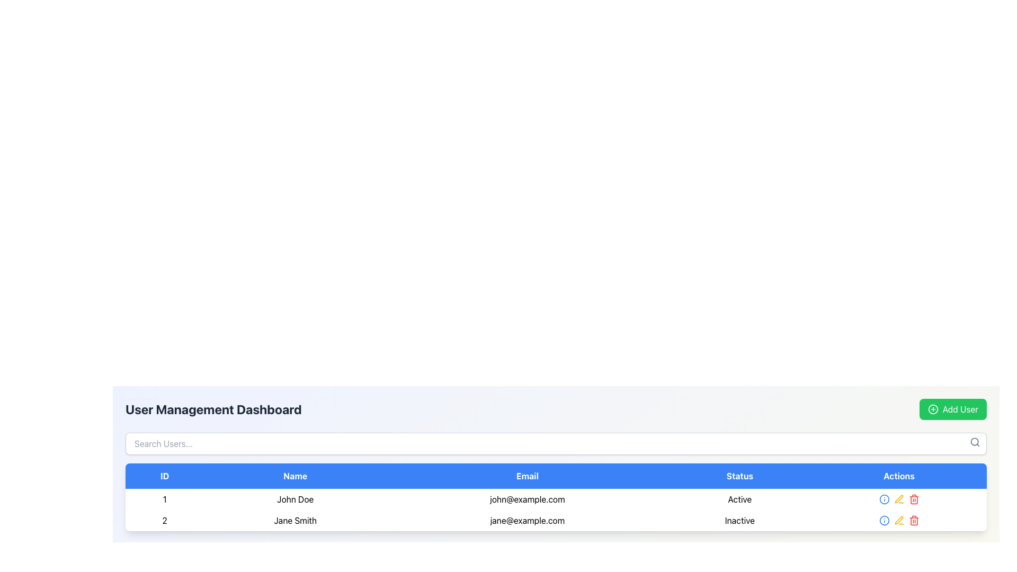  What do you see at coordinates (898, 499) in the screenshot?
I see `the yellow icon resembling a pen or pencil in the 'Actions' column associated with 'John Doe' to initiate editing` at bounding box center [898, 499].